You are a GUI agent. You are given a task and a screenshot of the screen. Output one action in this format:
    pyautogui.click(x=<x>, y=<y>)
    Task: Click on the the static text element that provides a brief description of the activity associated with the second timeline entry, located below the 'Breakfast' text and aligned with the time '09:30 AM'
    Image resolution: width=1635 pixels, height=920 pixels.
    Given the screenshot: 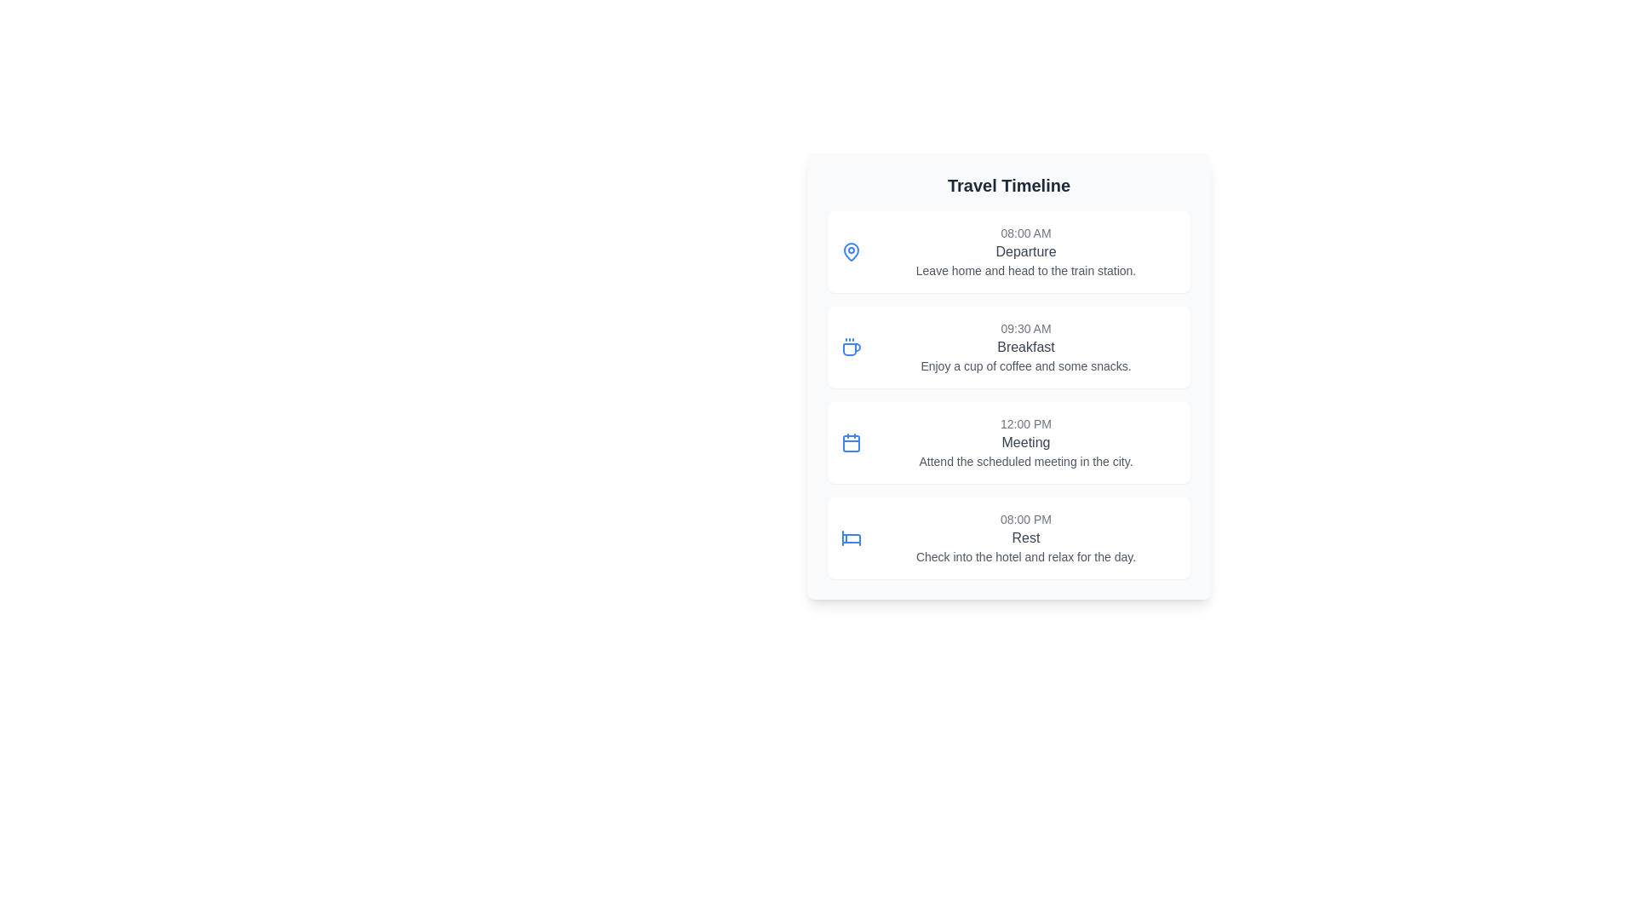 What is the action you would take?
    pyautogui.click(x=1024, y=365)
    